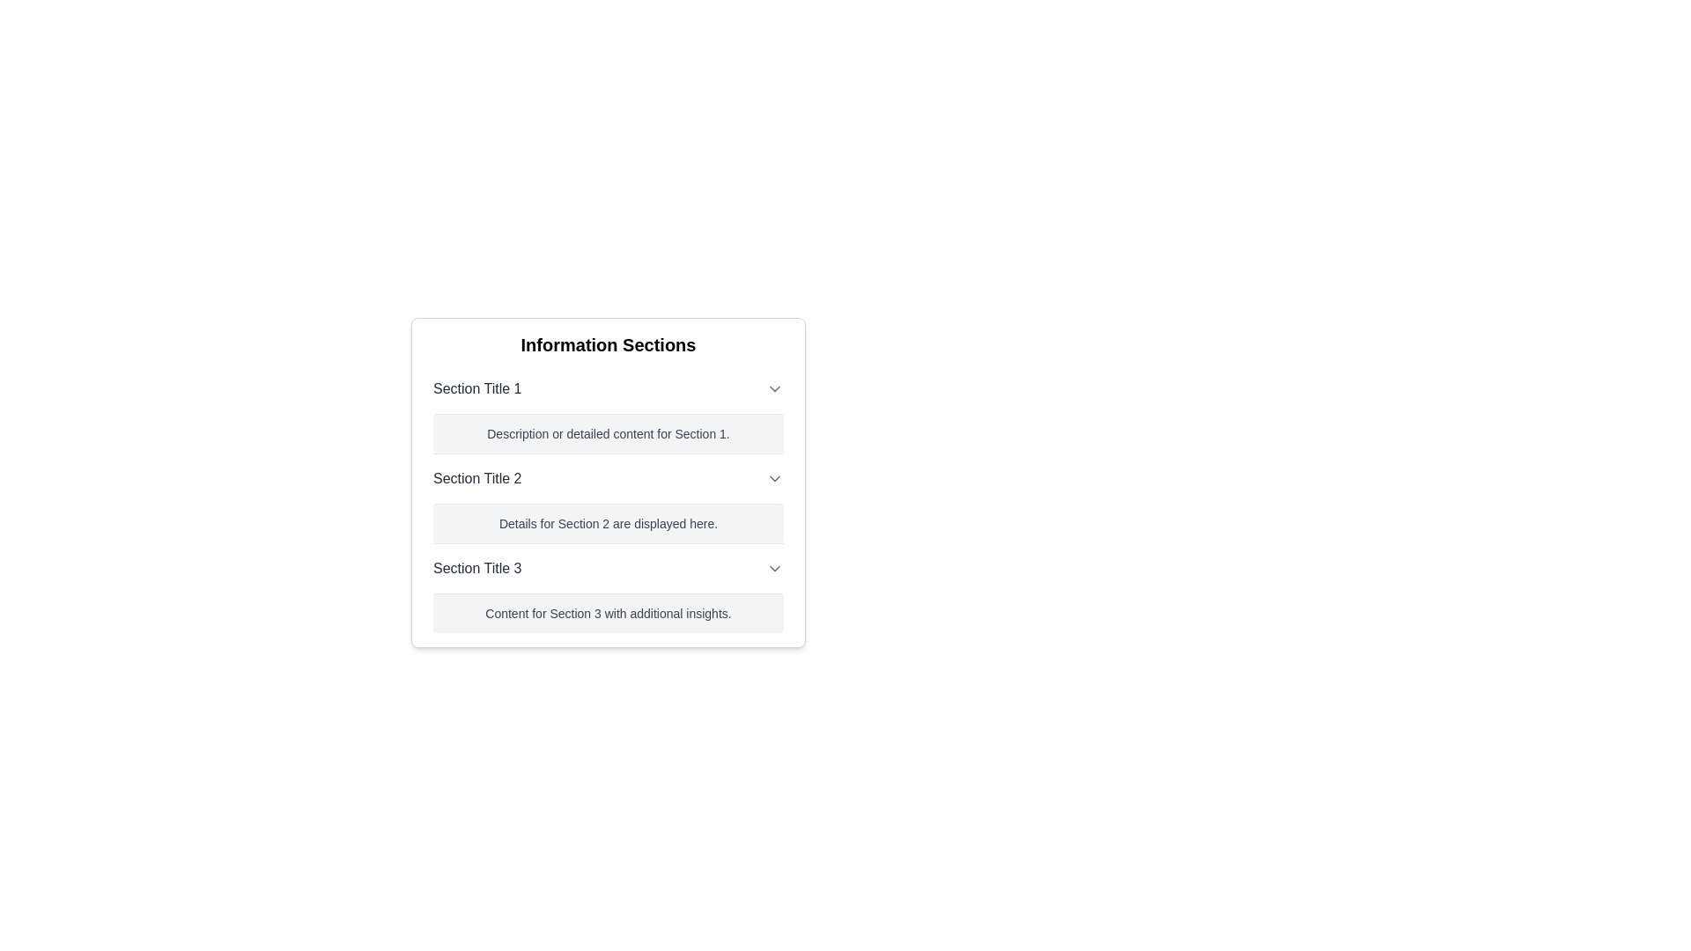 This screenshot has width=1691, height=951. Describe the element at coordinates (774, 568) in the screenshot. I see `the downward-pointing chevron-style dropdown indicator icon on the far right side of 'Section Title 3' to potentially highlight it or display a tooltip` at that location.